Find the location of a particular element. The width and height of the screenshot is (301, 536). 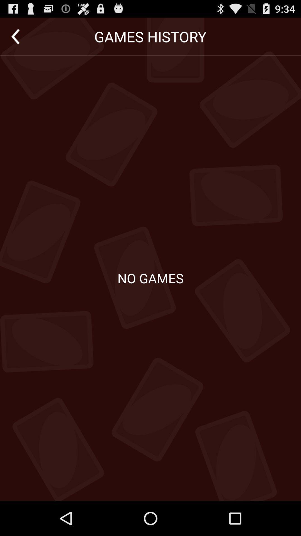

the arrow_backward icon is located at coordinates (15, 39).